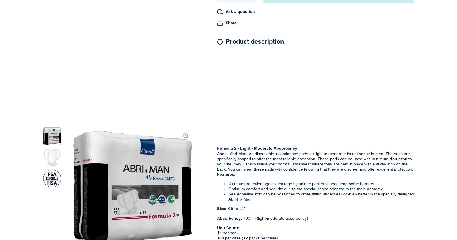 This screenshot has height=240, width=457. What do you see at coordinates (134, 108) in the screenshot?
I see `'Rely FAQ'` at bounding box center [134, 108].